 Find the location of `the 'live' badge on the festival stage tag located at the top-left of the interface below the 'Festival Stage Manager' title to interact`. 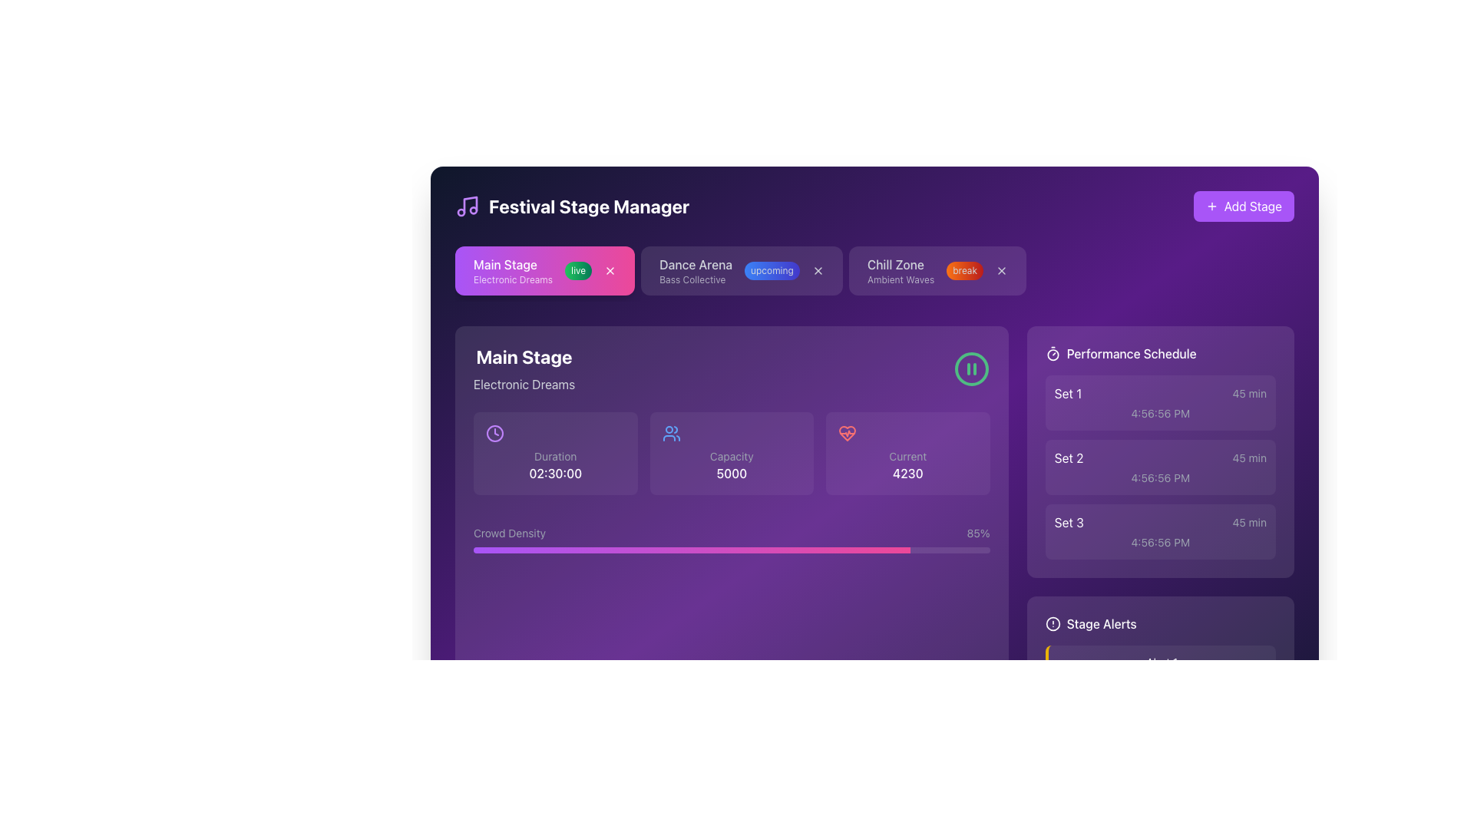

the 'live' badge on the festival stage tag located at the top-left of the interface below the 'Festival Stage Manager' title to interact is located at coordinates (545, 270).